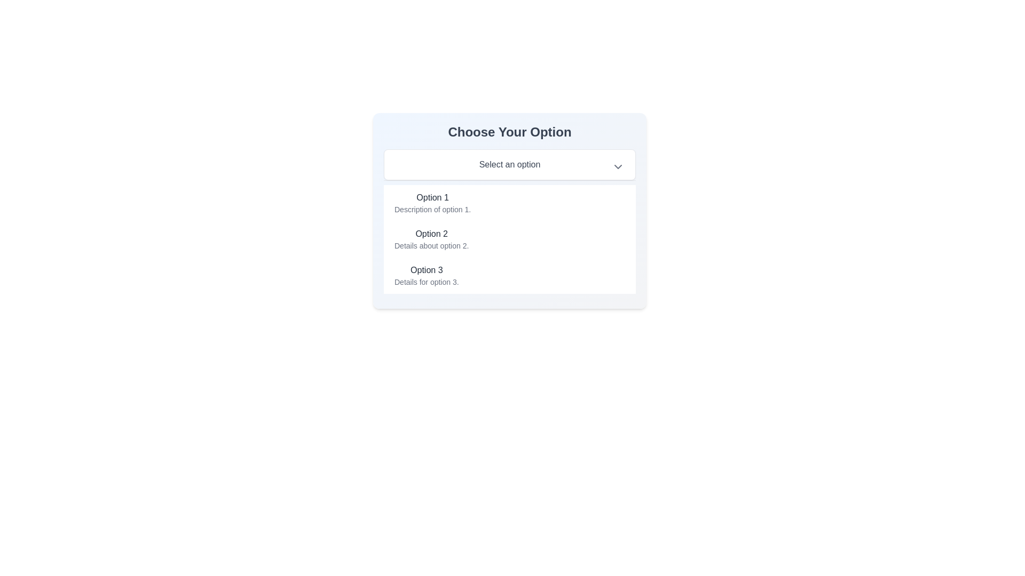 This screenshot has width=1025, height=576. Describe the element at coordinates (509, 210) in the screenshot. I see `the dropdown menu labeled 'Select an option' in the central panel titled 'Choose Your Option'` at that location.